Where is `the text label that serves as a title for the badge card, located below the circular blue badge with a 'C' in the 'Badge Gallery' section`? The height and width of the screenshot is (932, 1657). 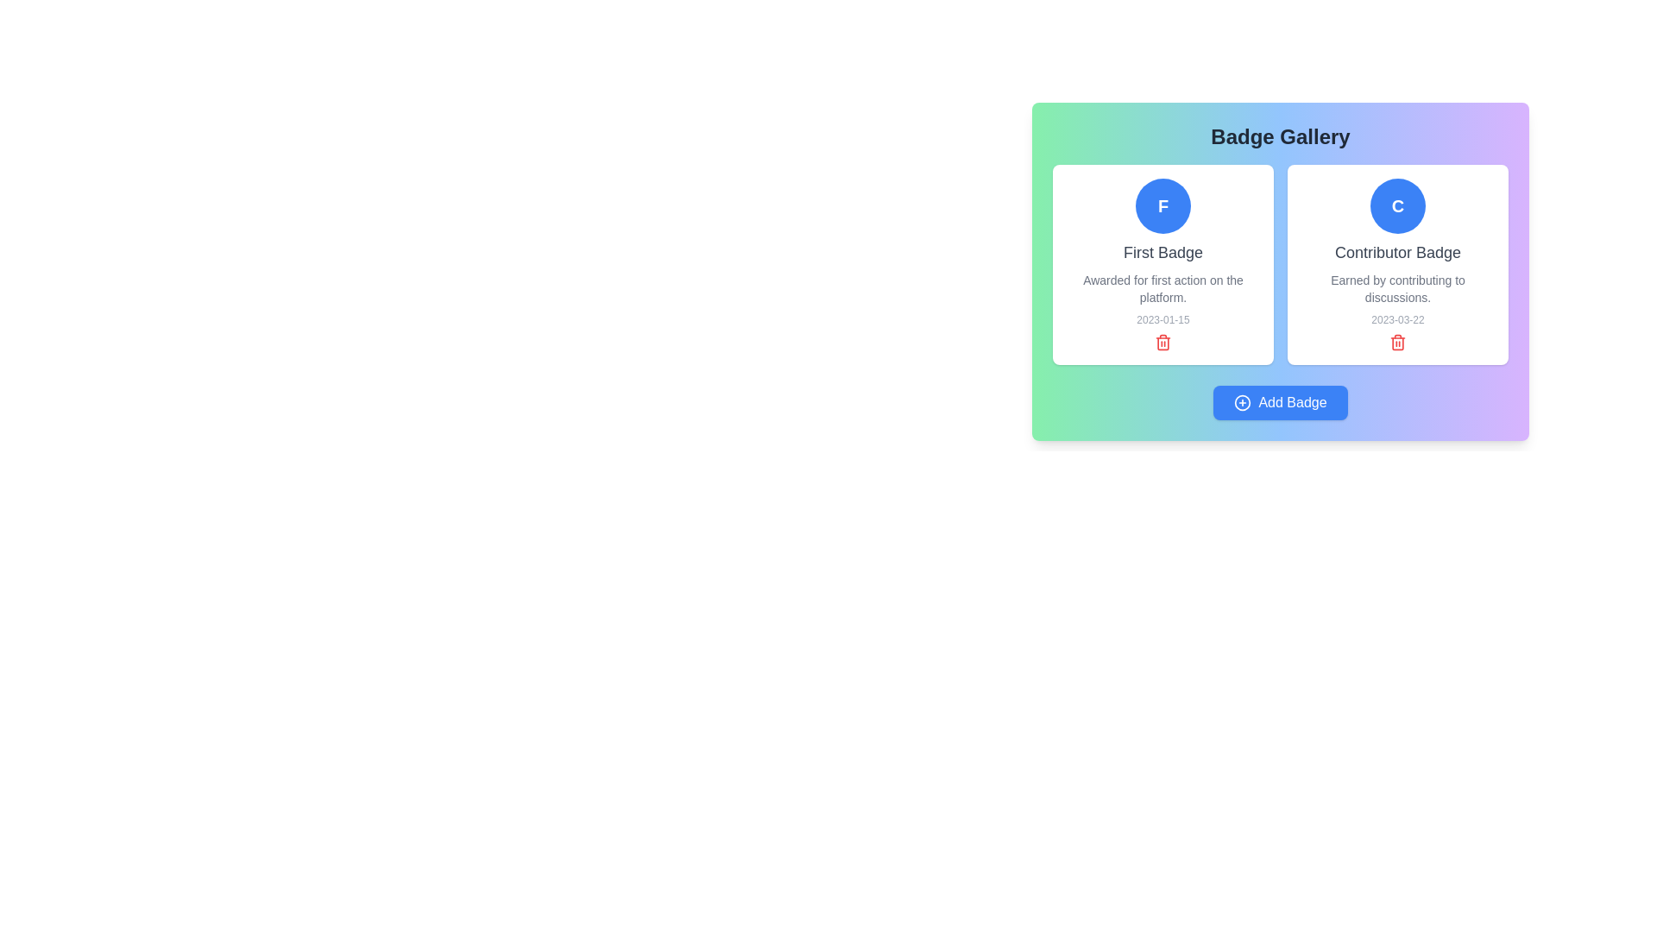 the text label that serves as a title for the badge card, located below the circular blue badge with a 'C' in the 'Badge Gallery' section is located at coordinates (1398, 253).